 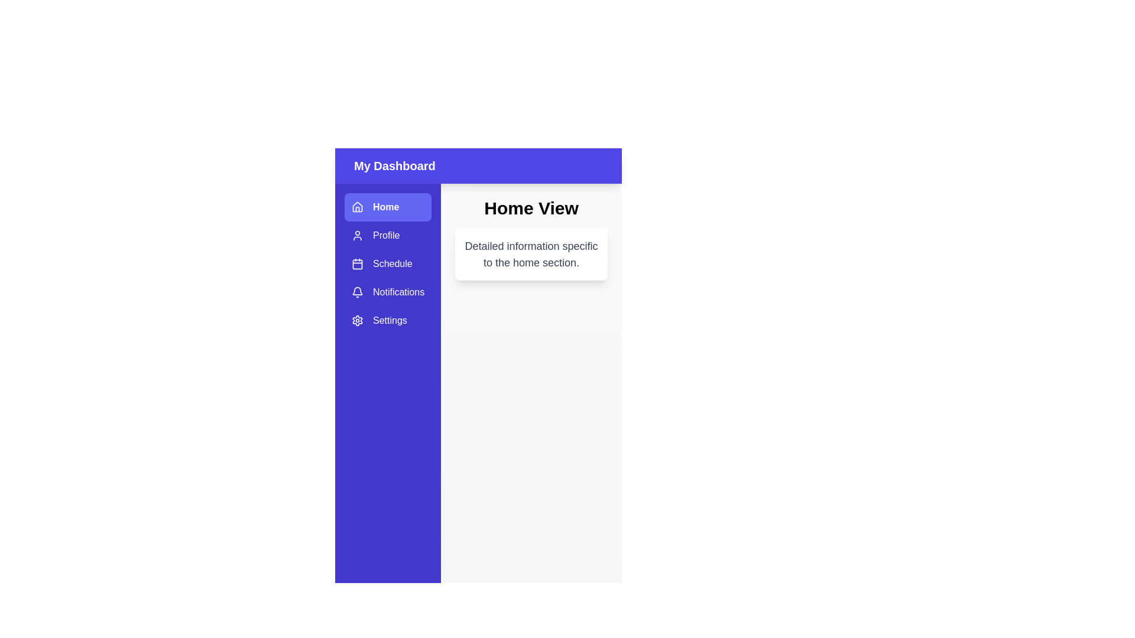 I want to click on the tab Settings in the sidebar menu, so click(x=388, y=321).